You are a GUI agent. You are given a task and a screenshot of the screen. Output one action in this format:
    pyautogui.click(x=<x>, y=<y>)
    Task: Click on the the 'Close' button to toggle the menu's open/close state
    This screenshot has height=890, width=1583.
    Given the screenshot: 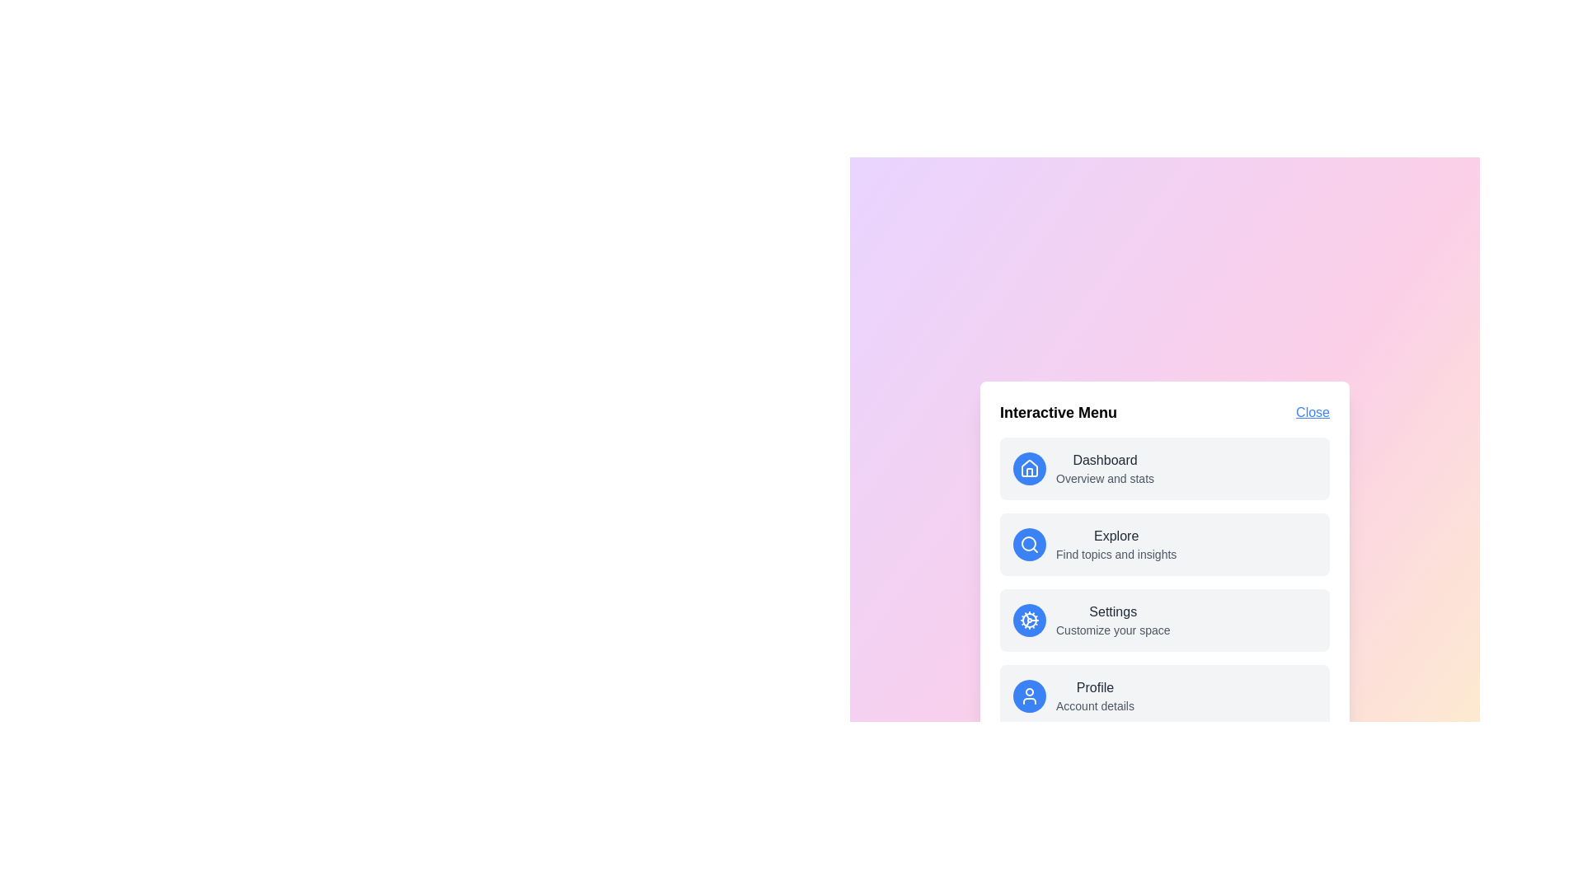 What is the action you would take?
    pyautogui.click(x=1312, y=412)
    